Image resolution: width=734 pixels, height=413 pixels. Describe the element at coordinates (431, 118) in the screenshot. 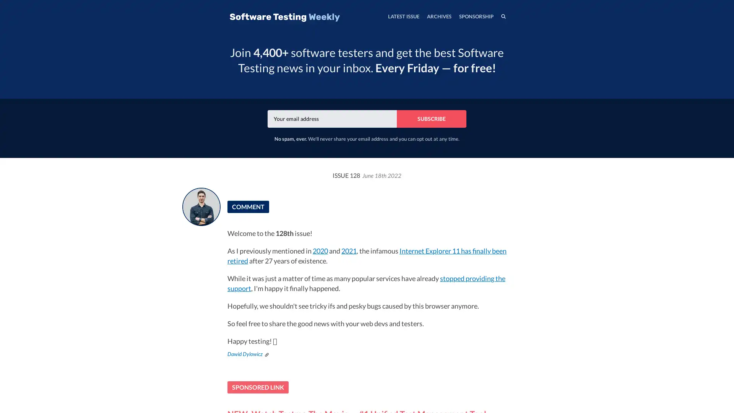

I see `SUBSCRIBE` at that location.